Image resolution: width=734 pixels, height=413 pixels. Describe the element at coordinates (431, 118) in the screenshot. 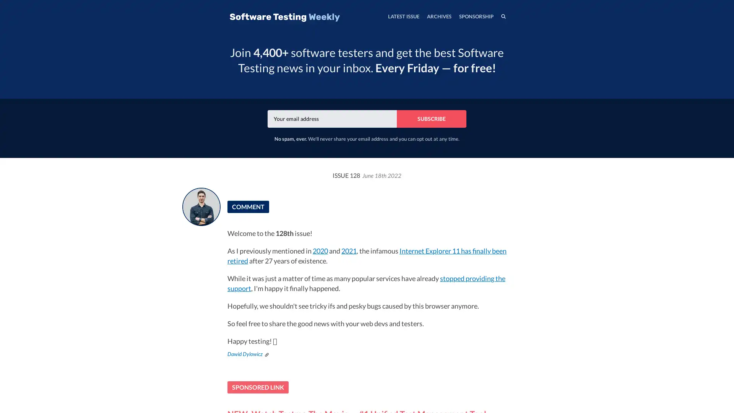

I see `SUBSCRIBE` at that location.